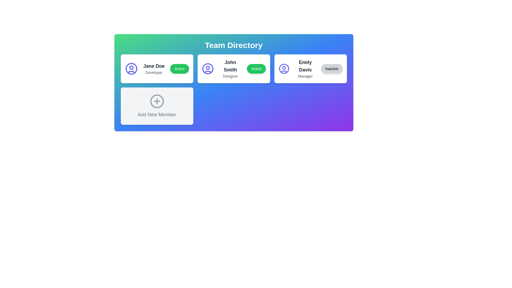 The image size is (512, 288). Describe the element at coordinates (179, 69) in the screenshot. I see `the status indicator button for user 'Jane Doe'` at that location.